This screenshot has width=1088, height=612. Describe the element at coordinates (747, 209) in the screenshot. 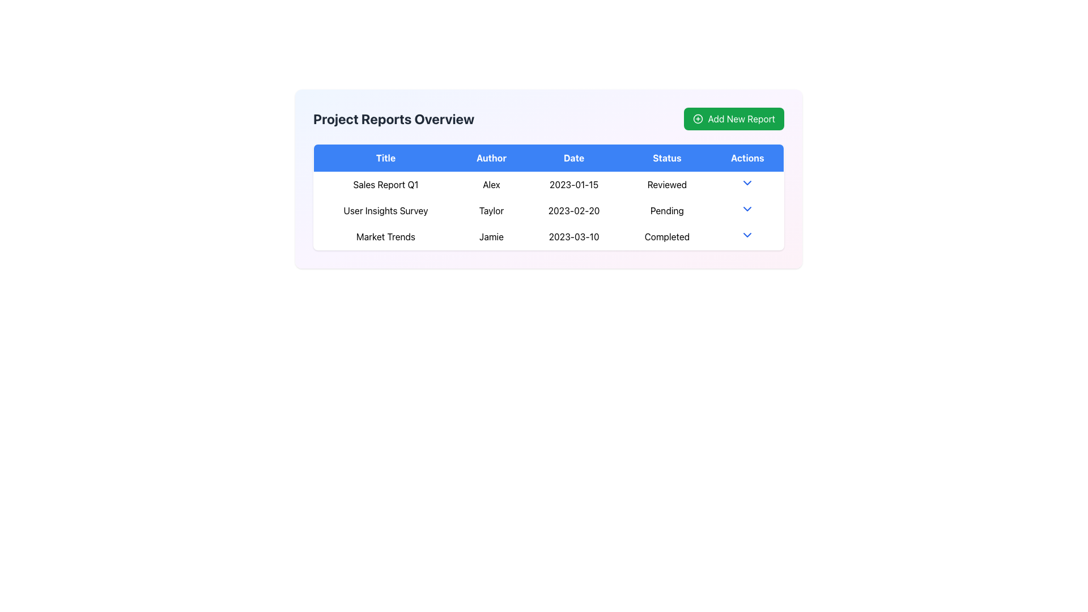

I see `the Dropdown Toggle Icon in the 'Actions' column for the 'User Insights Survey' entry` at that location.